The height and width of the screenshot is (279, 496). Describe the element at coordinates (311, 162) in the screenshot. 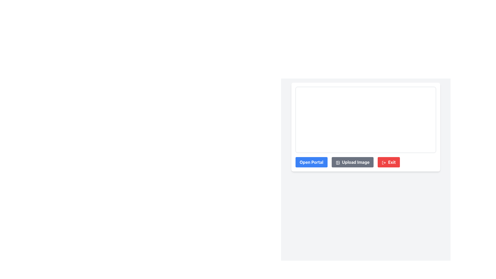

I see `the first button in the bottom section of the interface` at that location.